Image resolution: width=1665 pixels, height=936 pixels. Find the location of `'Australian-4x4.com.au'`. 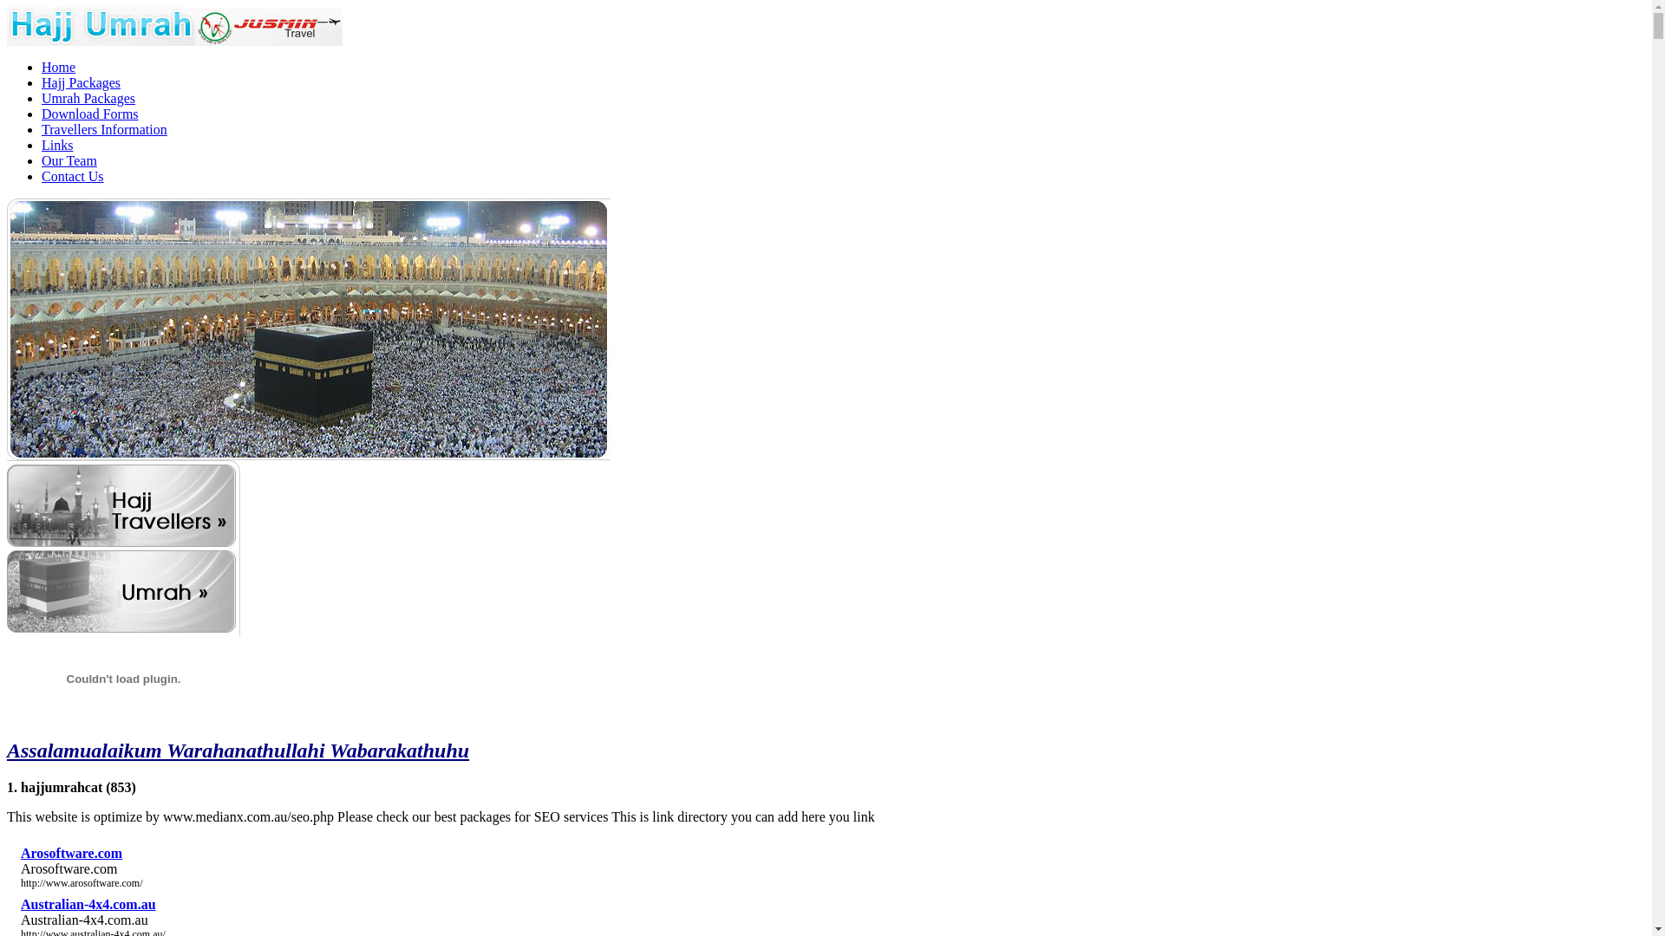

'Australian-4x4.com.au' is located at coordinates (87, 903).